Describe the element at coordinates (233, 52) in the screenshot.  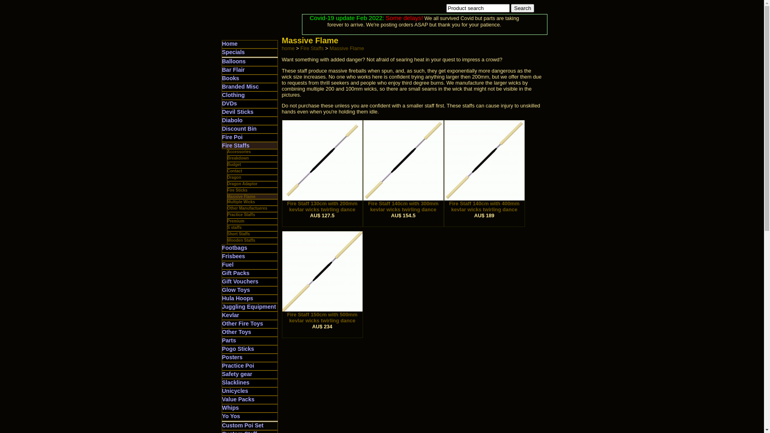
I see `'Specials'` at that location.